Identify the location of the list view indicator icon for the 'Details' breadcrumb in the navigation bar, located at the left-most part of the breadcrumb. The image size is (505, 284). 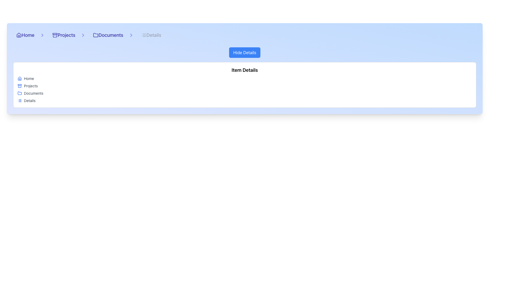
(20, 100).